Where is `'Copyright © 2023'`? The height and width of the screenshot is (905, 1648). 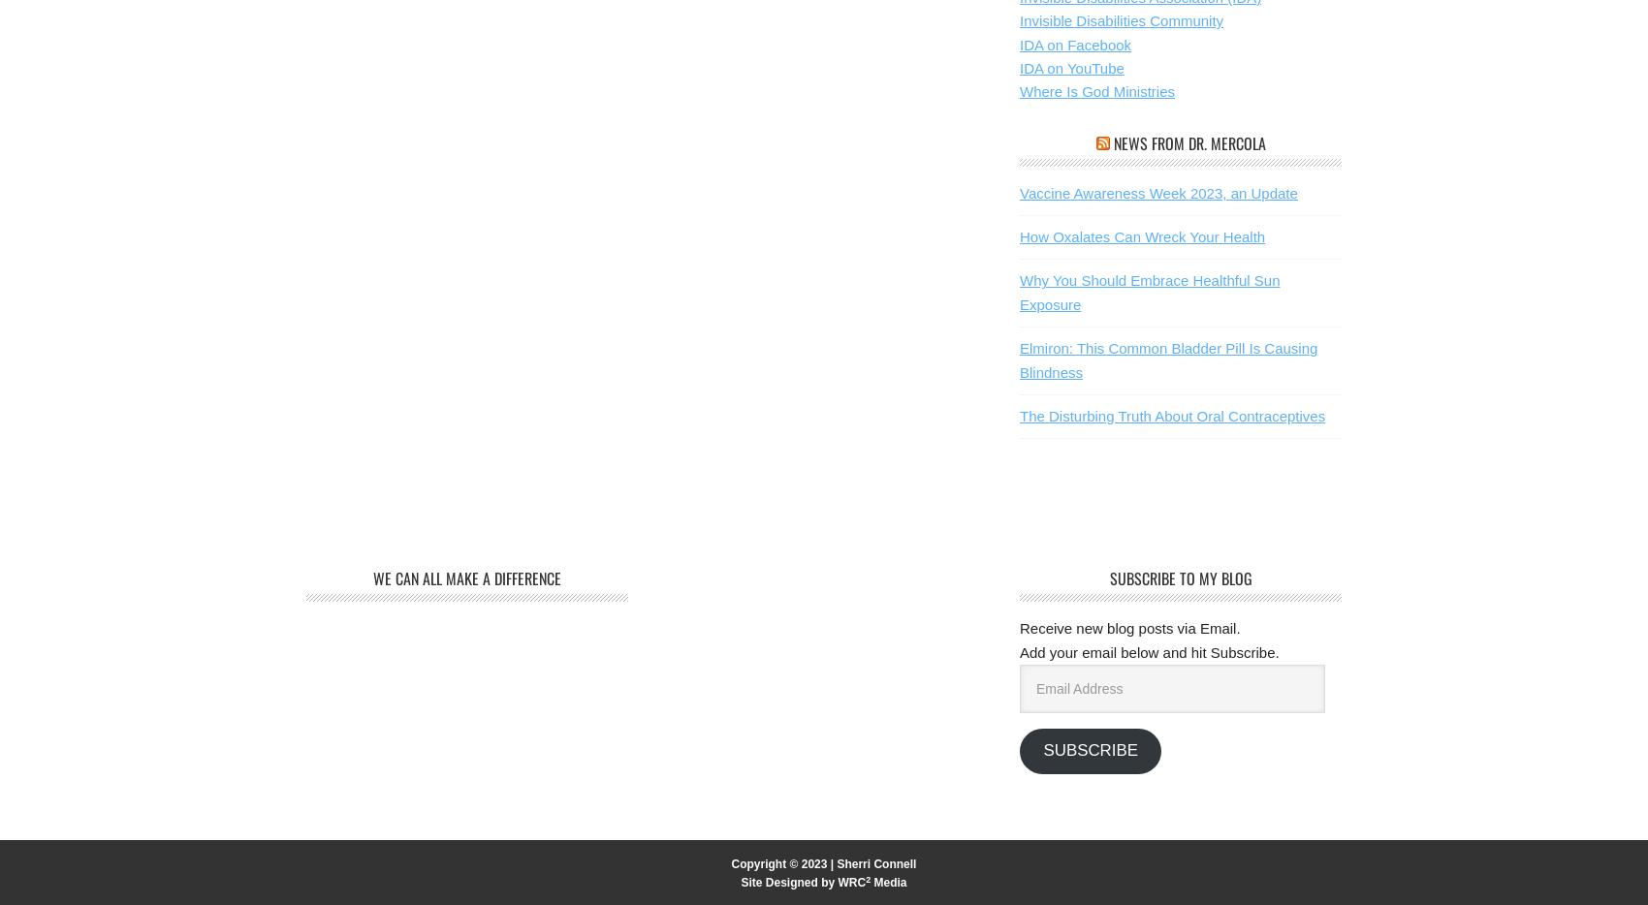
'Copyright © 2023' is located at coordinates (777, 863).